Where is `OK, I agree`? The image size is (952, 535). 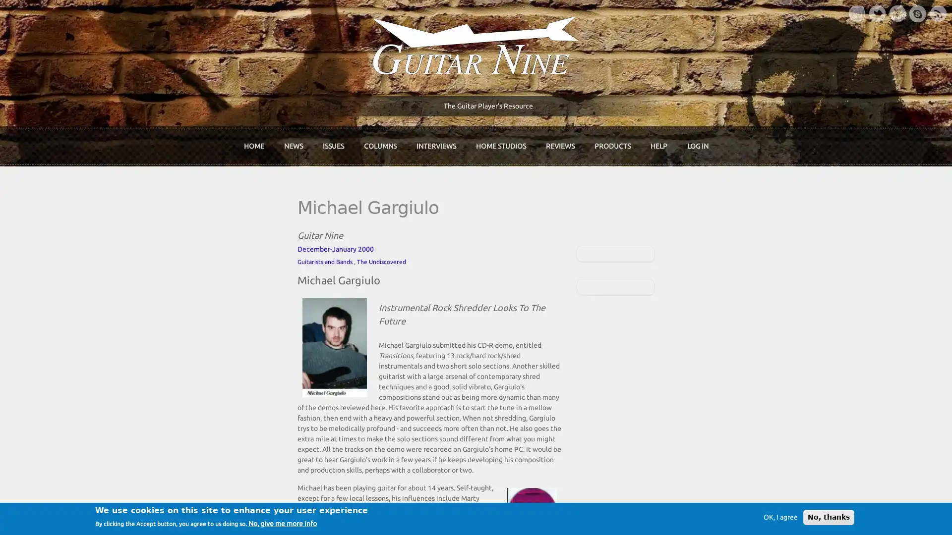 OK, I agree is located at coordinates (780, 517).